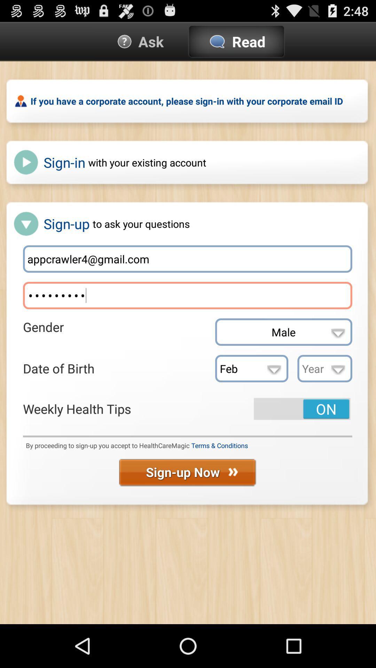 The height and width of the screenshot is (668, 376). What do you see at coordinates (325, 368) in the screenshot?
I see `choose the birth year` at bounding box center [325, 368].